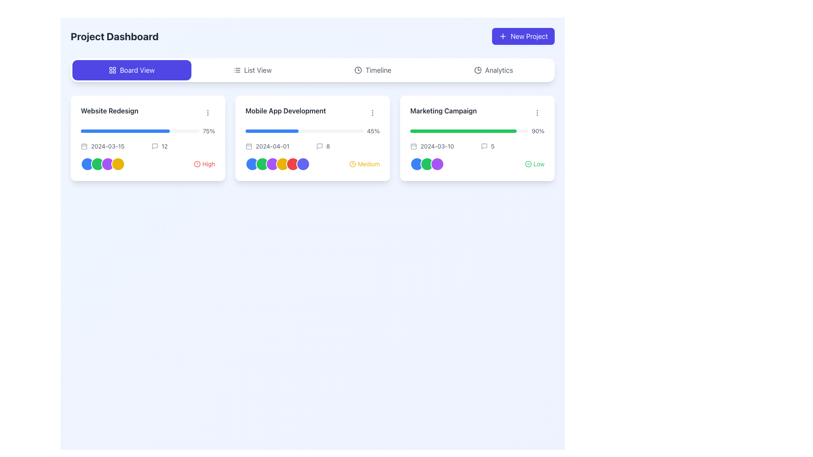 This screenshot has height=457, width=813. I want to click on the leftmost circular icon with a blue background and a white border, located at the bottom-left corner of the 'Website Redesign' project card, so click(87, 164).